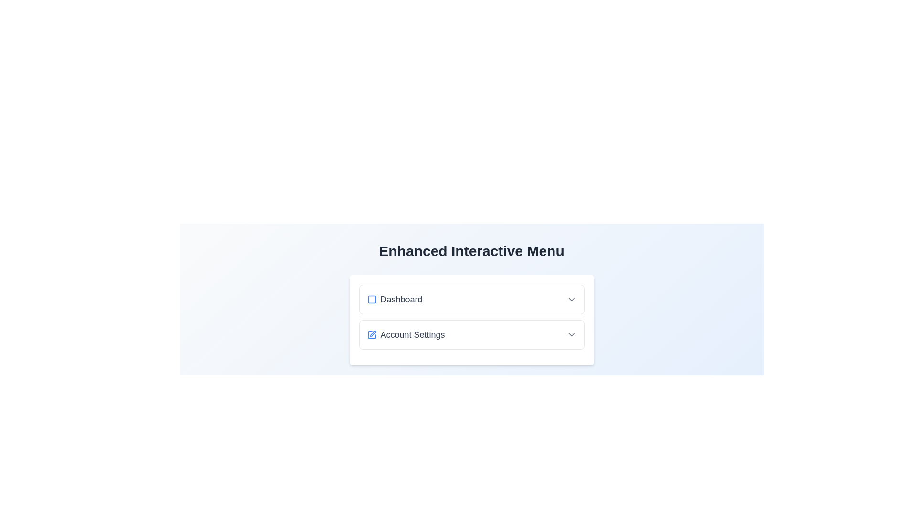 Image resolution: width=917 pixels, height=516 pixels. Describe the element at coordinates (373, 333) in the screenshot. I see `the pen or pencil icon with a blue outline next to the 'Account Settings' text to observe interactive visual cues` at that location.